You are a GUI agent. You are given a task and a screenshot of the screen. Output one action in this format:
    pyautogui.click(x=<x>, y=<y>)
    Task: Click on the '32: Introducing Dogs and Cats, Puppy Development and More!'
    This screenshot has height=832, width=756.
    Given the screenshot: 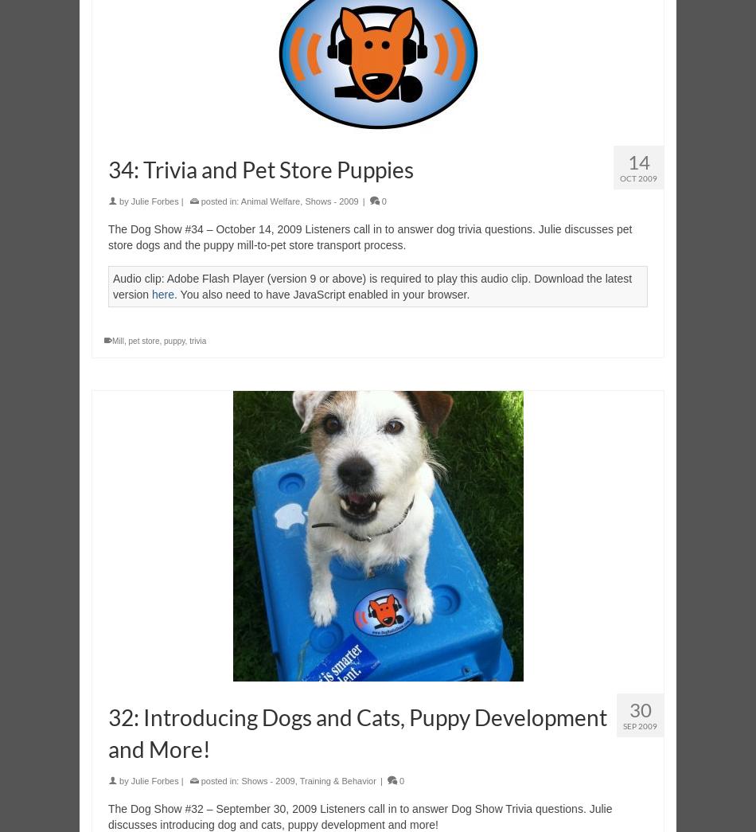 What is the action you would take?
    pyautogui.click(x=357, y=732)
    